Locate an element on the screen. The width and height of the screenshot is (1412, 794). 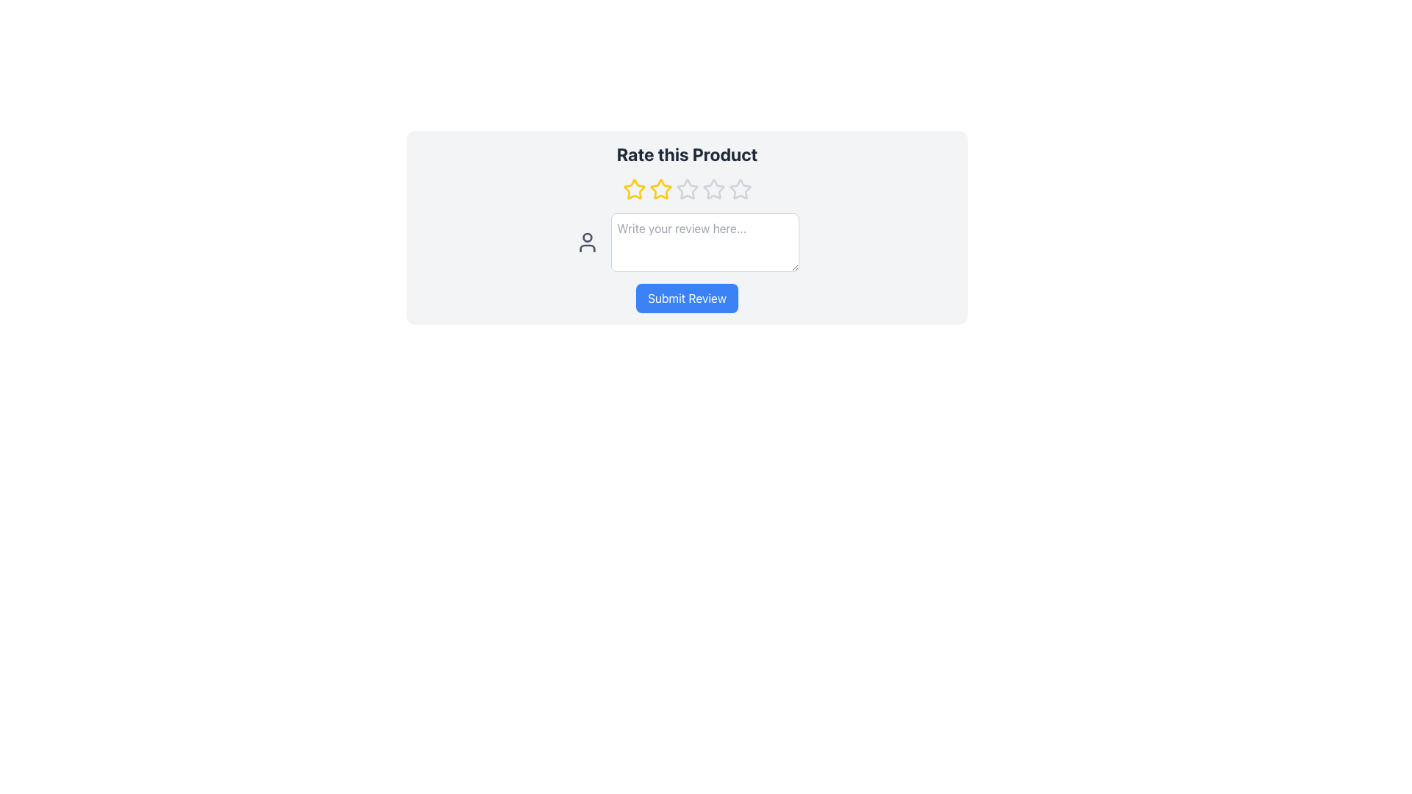
the sixth star icon in the horizontal layout is located at coordinates (740, 189).